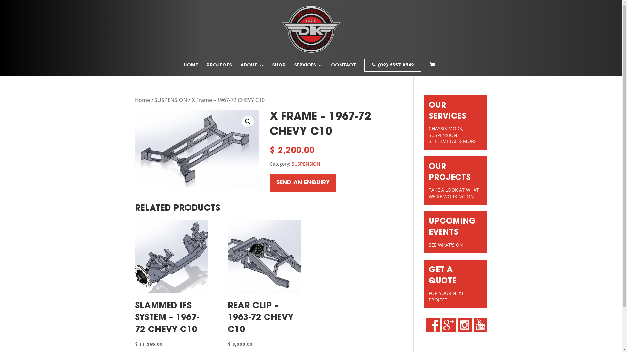 The height and width of the screenshot is (352, 627). Describe the element at coordinates (455, 284) in the screenshot. I see `'GET A QUOTE` at that location.